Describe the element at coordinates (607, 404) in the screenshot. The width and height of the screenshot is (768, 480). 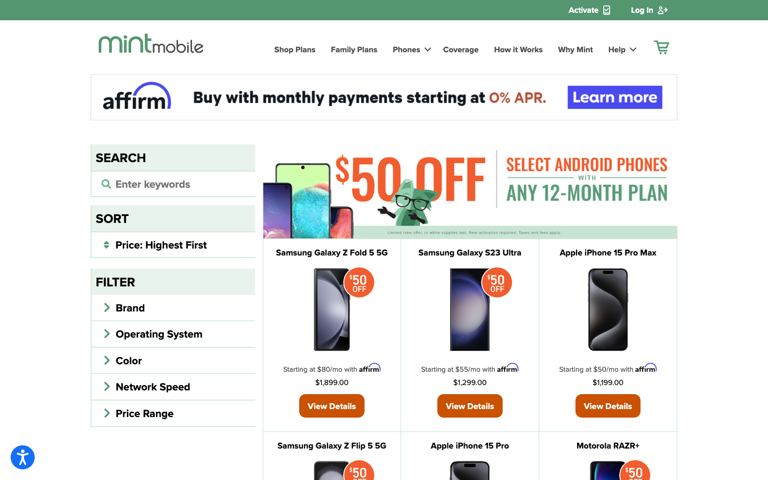
I see `Check Apple iPhone 15 Pro Max Phone` at that location.